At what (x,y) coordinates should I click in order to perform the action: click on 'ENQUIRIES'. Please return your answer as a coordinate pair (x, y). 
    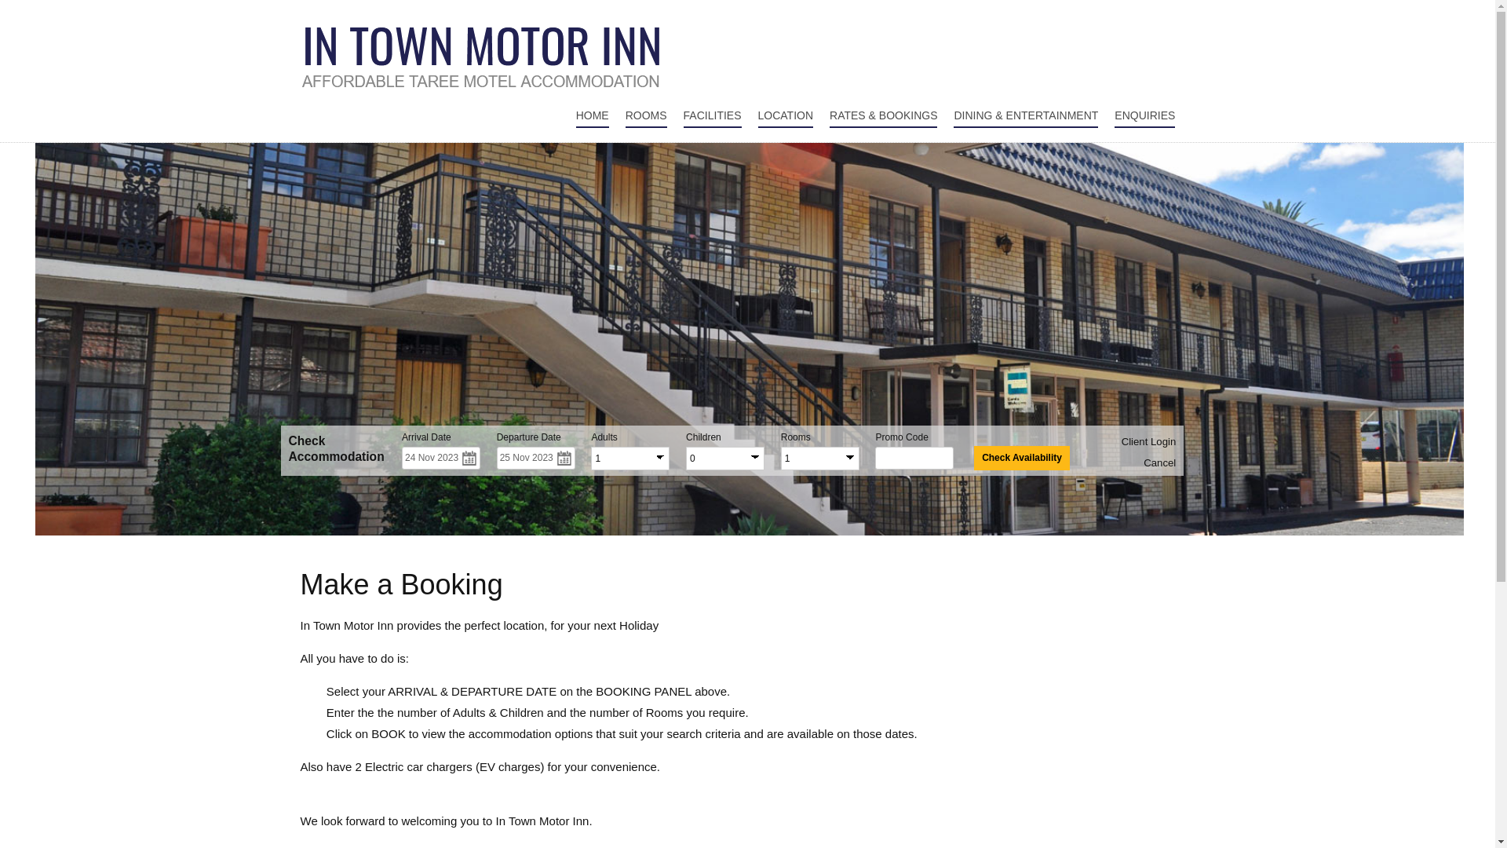
    Looking at the image, I should click on (1114, 115).